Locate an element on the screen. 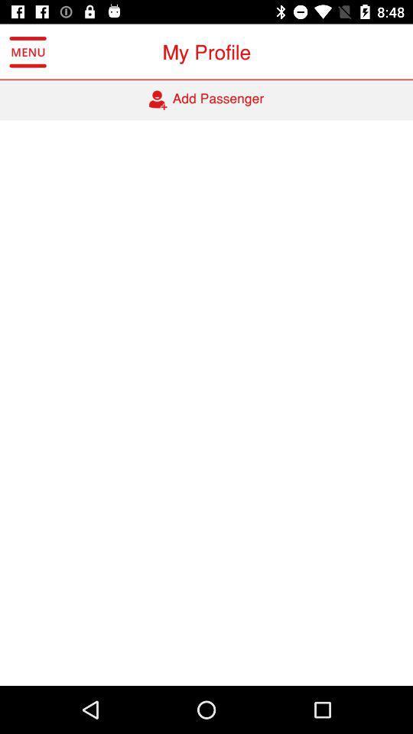  the add passenger is located at coordinates (206, 99).